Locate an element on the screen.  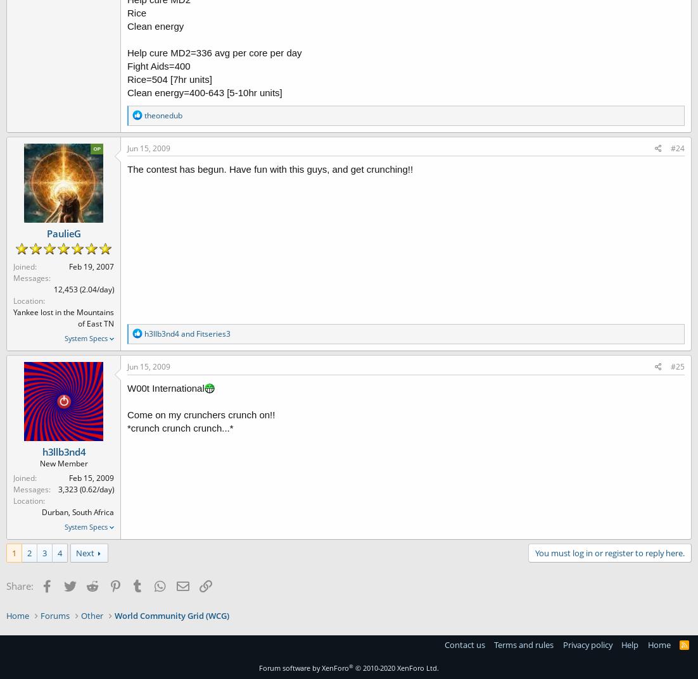
'Feb 19, 2007' is located at coordinates (91, 266).